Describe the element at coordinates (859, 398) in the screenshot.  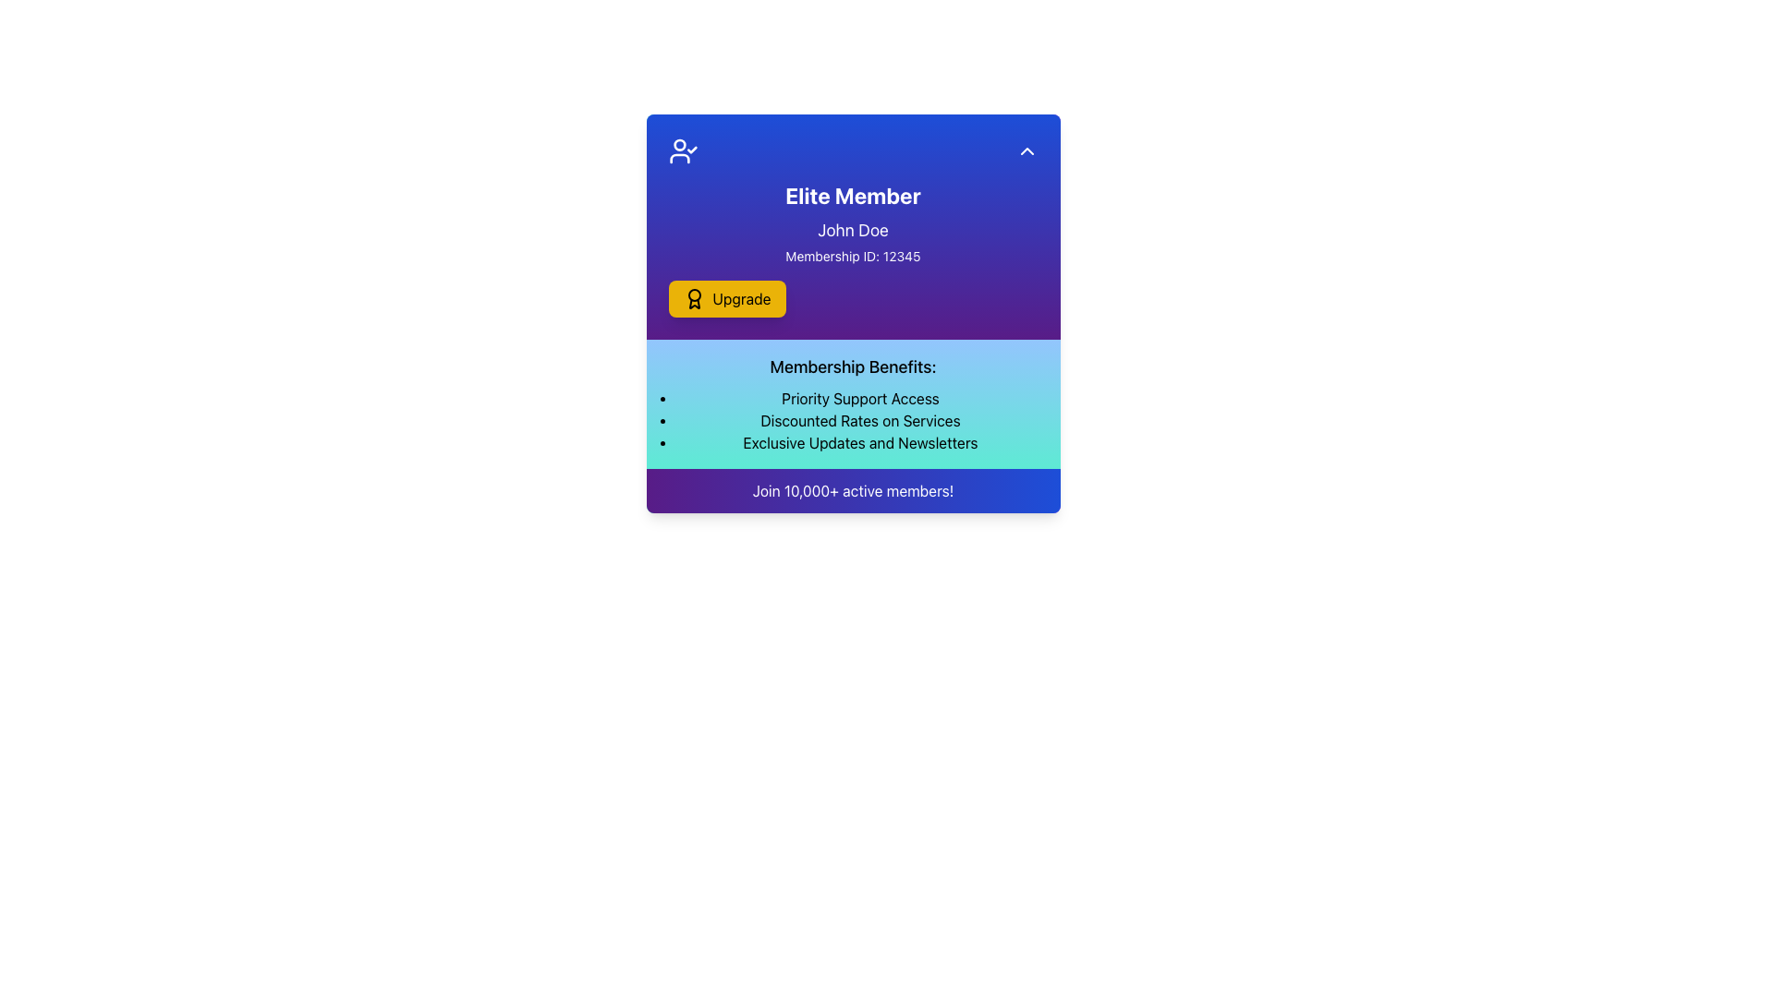
I see `text label that describes the membership benefit titled 'Priority Support Access', which is the first item in the vertical bulleted list under the 'Membership Benefits' section` at that location.